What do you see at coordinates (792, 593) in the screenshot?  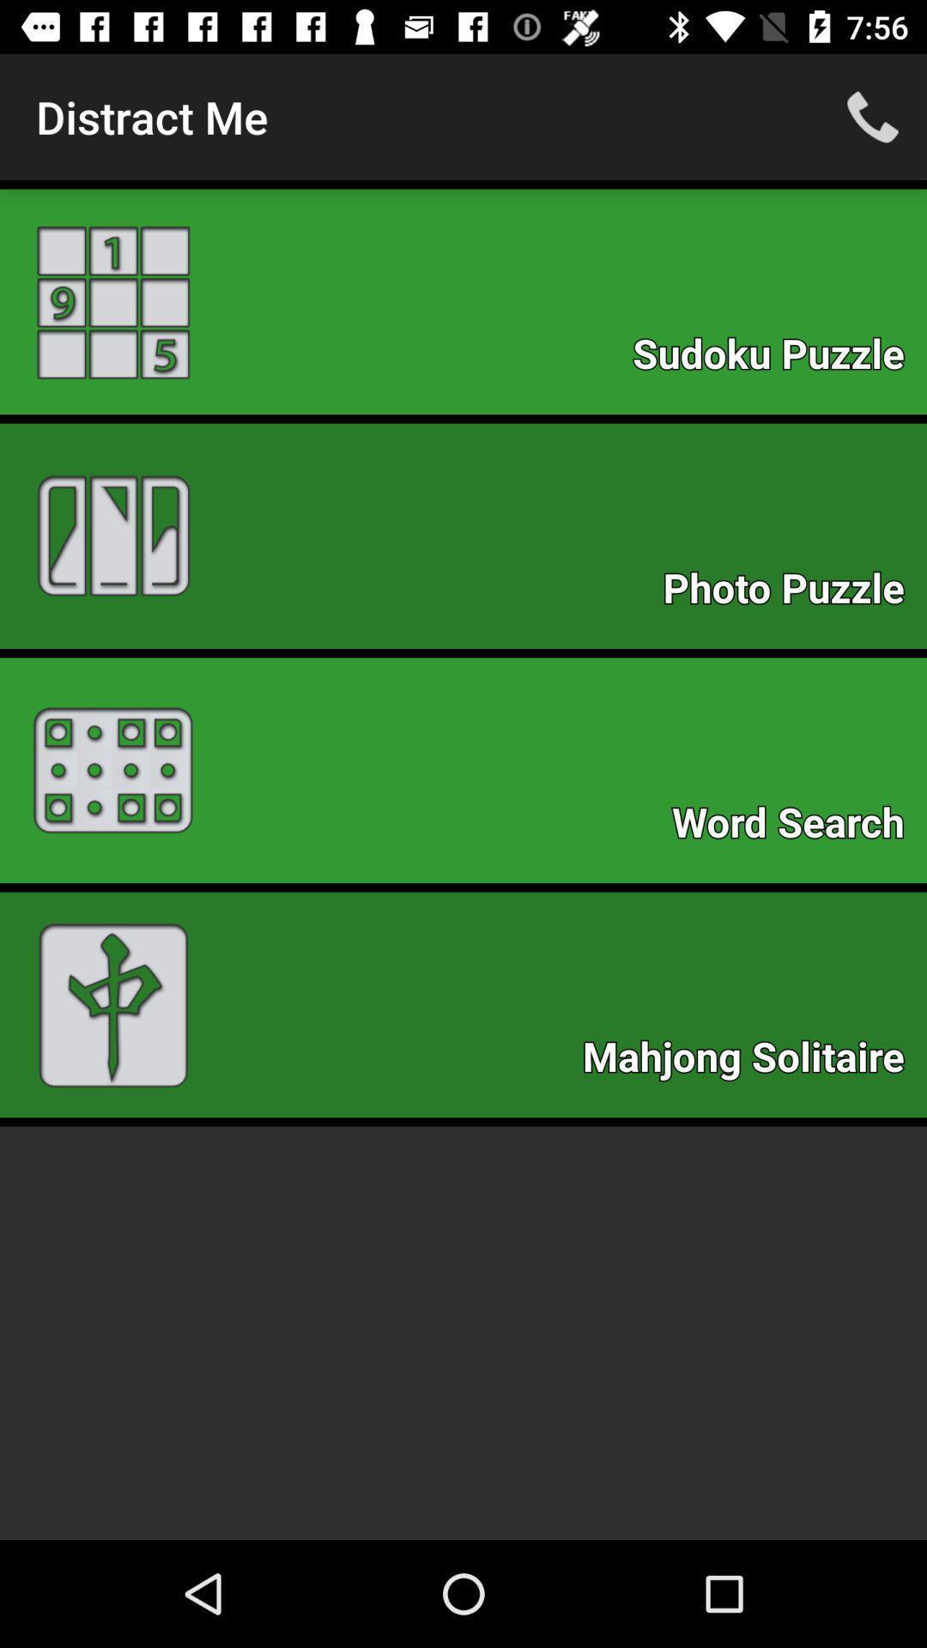 I see `the item below sudoku puzzle icon` at bounding box center [792, 593].